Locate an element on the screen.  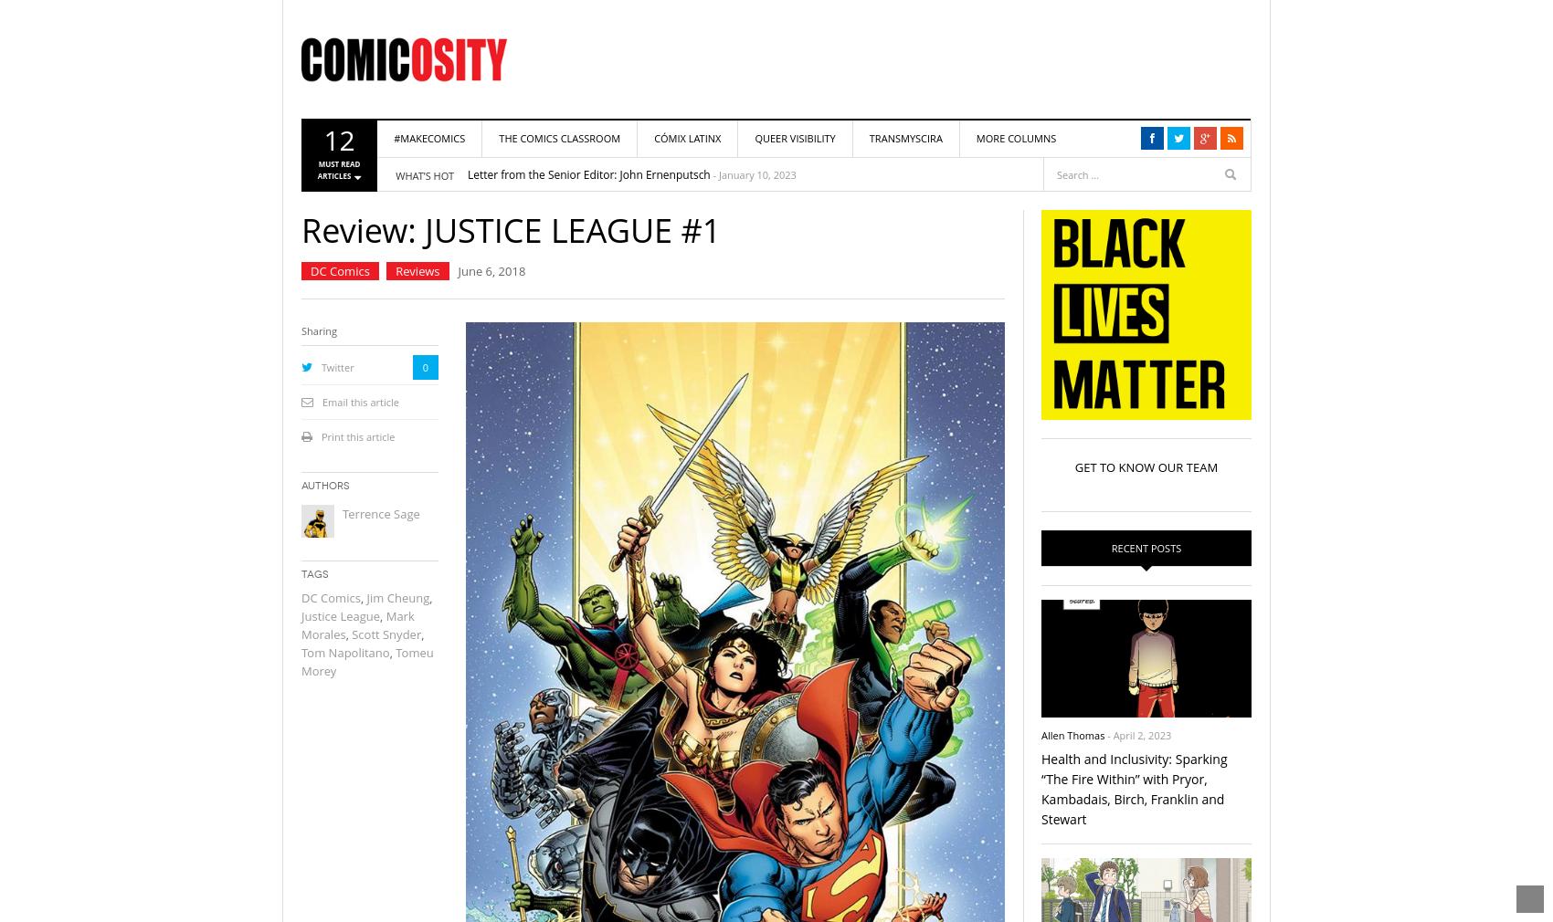
'June 6, 2018' is located at coordinates (491, 270).